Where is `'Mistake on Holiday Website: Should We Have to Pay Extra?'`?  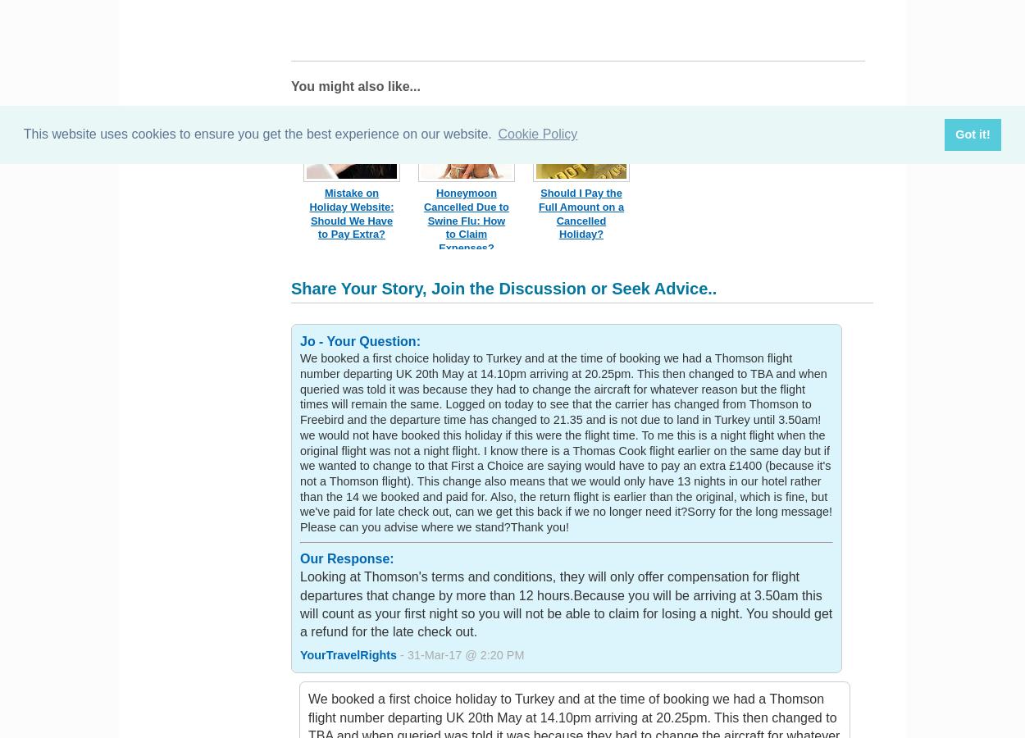 'Mistake on Holiday Website: Should We Have to Pay Extra?' is located at coordinates (351, 212).